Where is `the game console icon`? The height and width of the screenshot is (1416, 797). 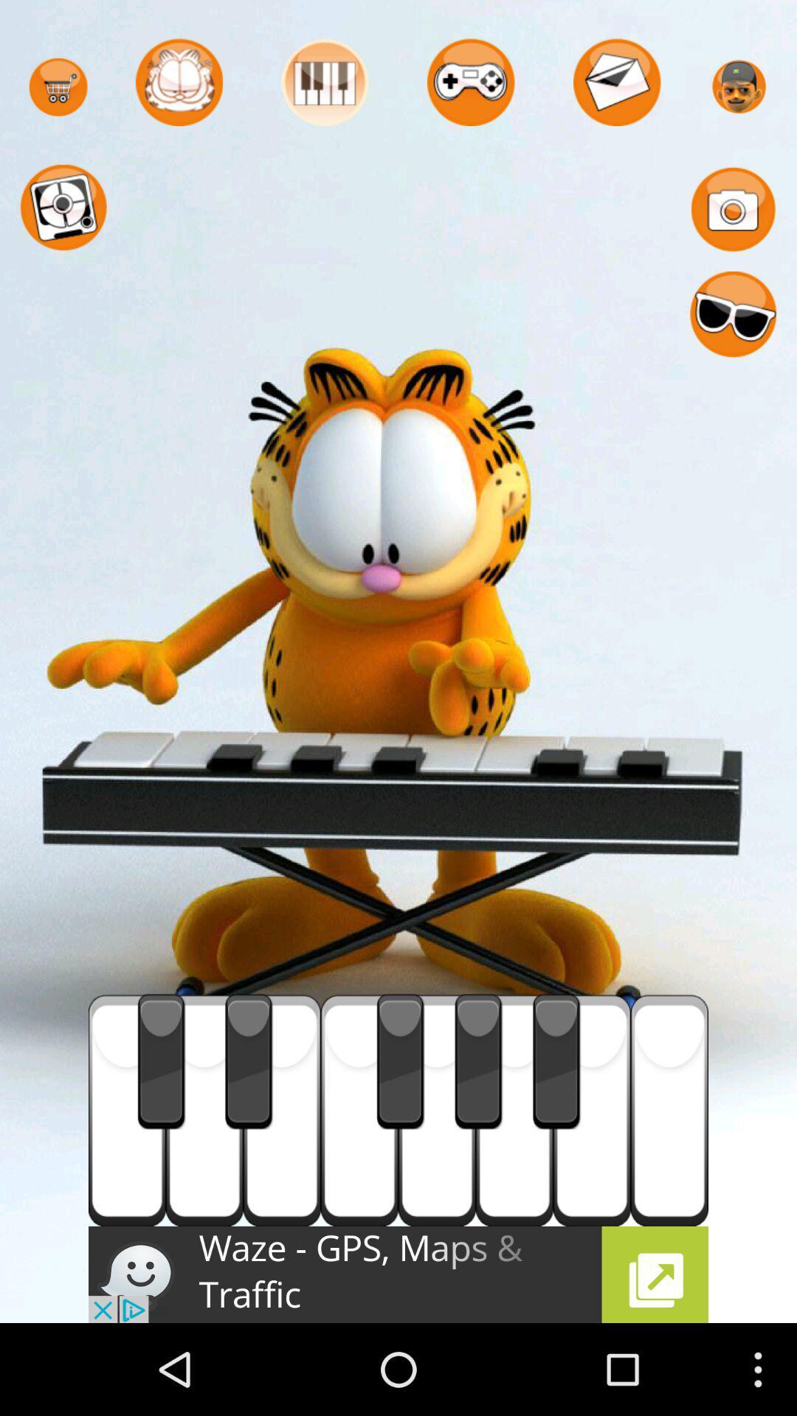 the game console icon is located at coordinates (470, 81).